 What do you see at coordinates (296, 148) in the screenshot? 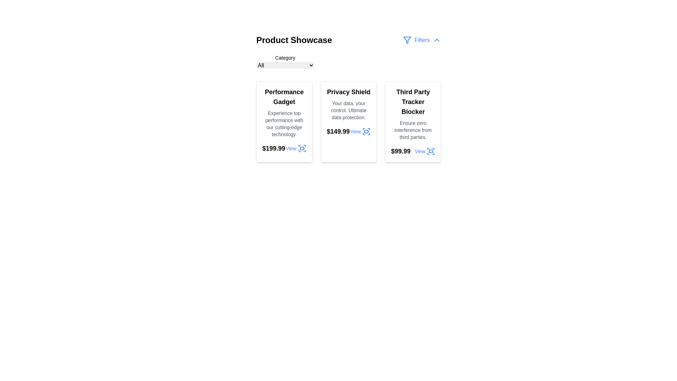
I see `the 'View' link, which is a blue text label situated immediately to the right of the price '$199.99' in the bottom section of the first product card` at bounding box center [296, 148].